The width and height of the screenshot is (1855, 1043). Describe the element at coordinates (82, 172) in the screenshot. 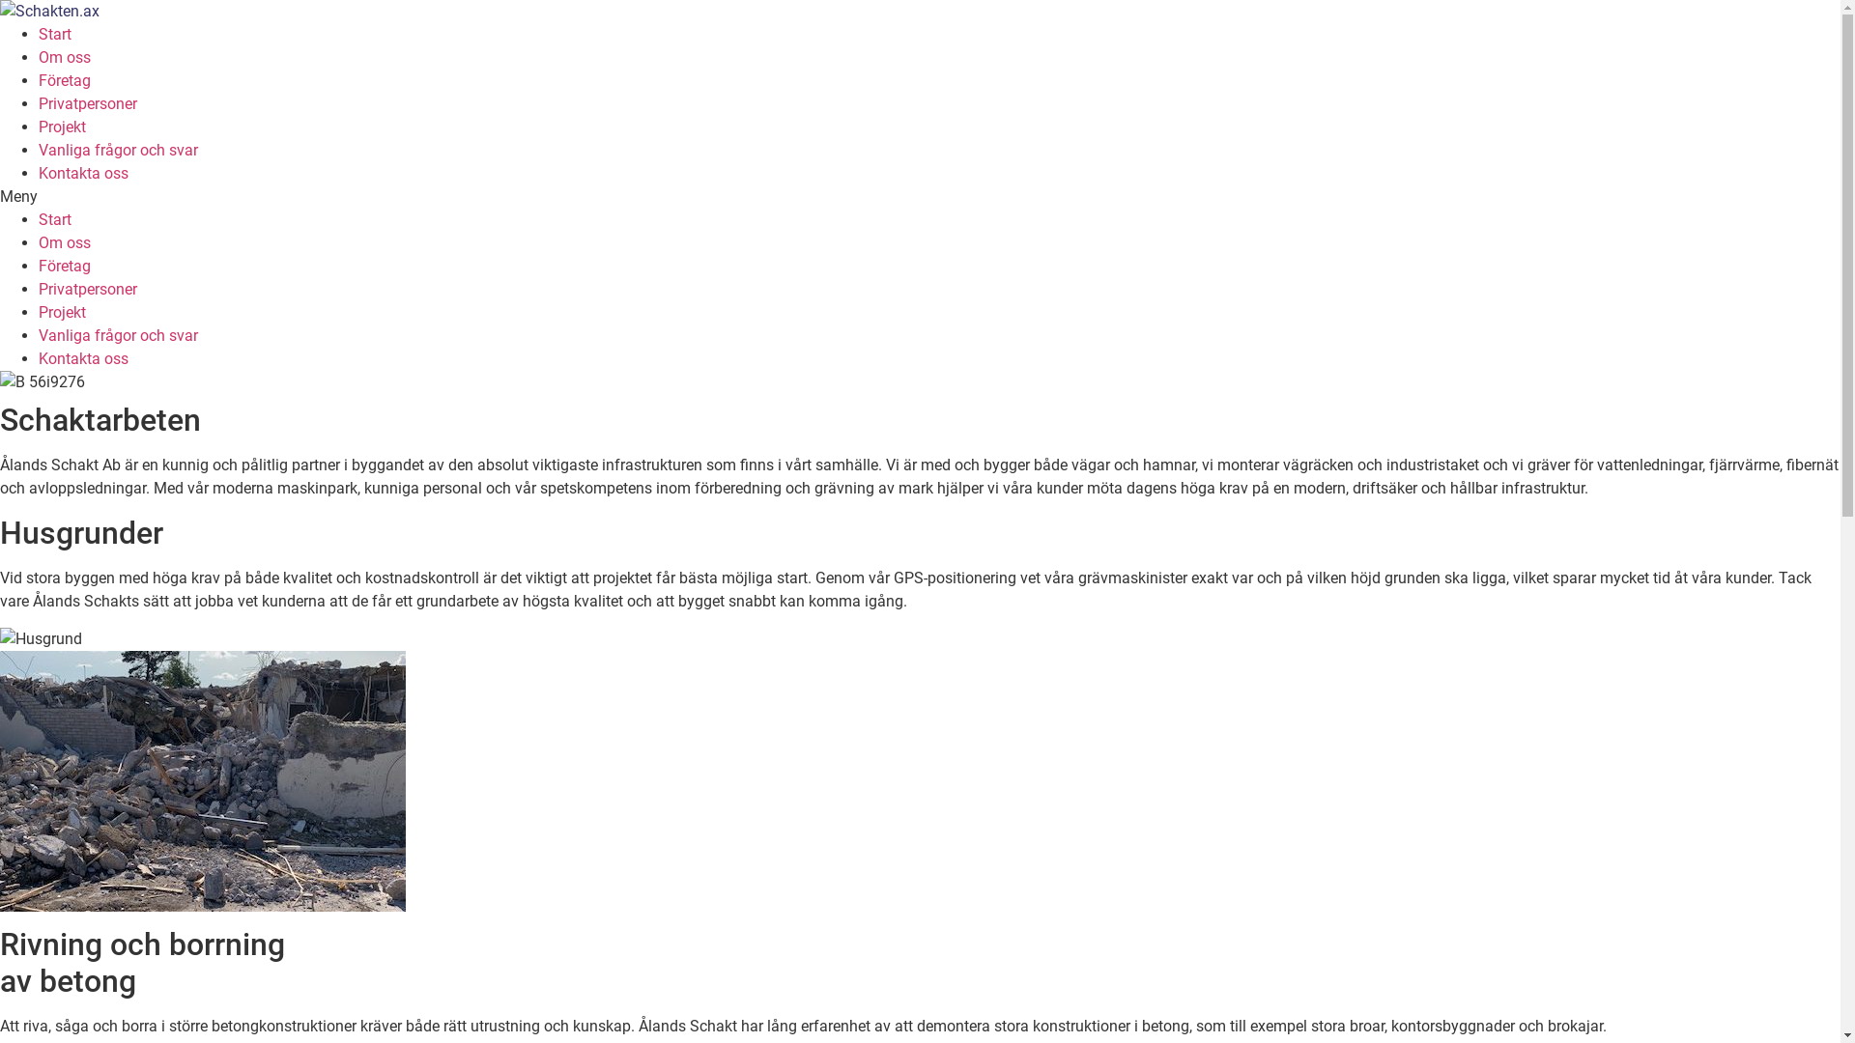

I see `'Kontakta oss'` at that location.